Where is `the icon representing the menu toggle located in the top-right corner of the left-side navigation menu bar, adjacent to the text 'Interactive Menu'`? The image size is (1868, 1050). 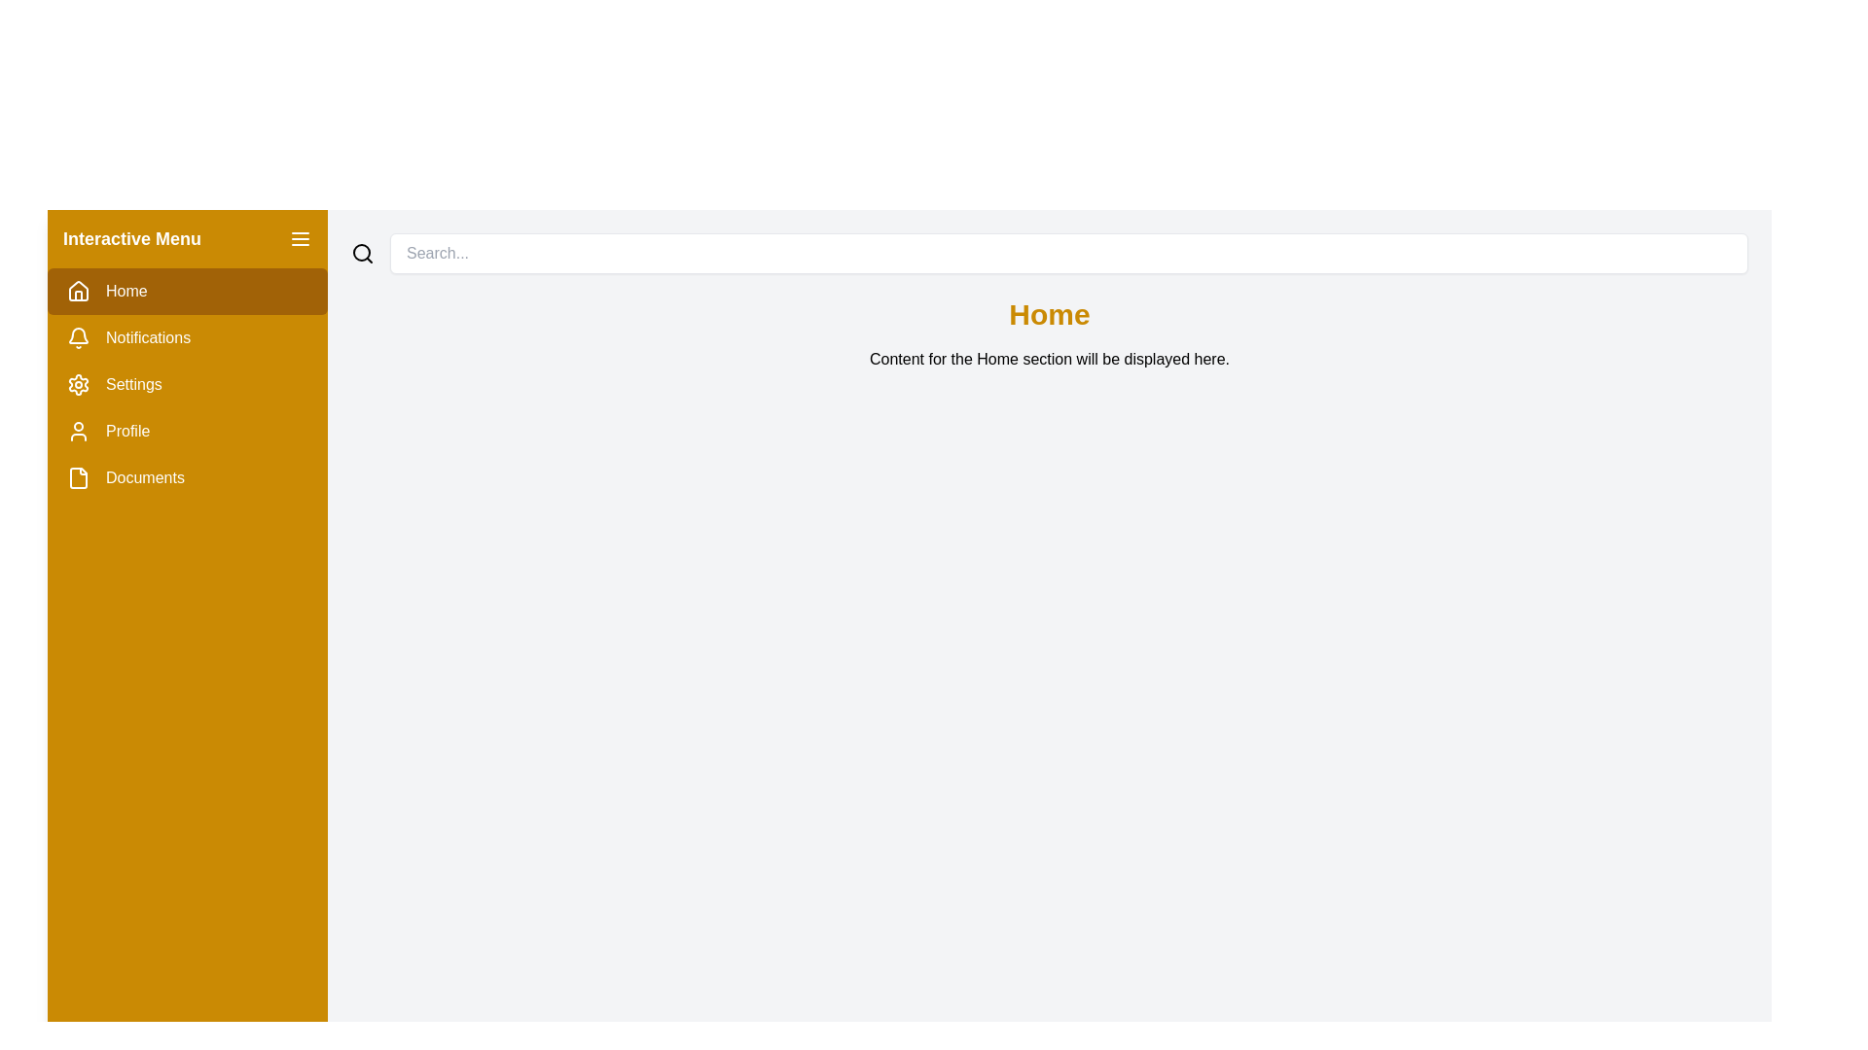
the icon representing the menu toggle located in the top-right corner of the left-side navigation menu bar, adjacent to the text 'Interactive Menu' is located at coordinates (299, 238).